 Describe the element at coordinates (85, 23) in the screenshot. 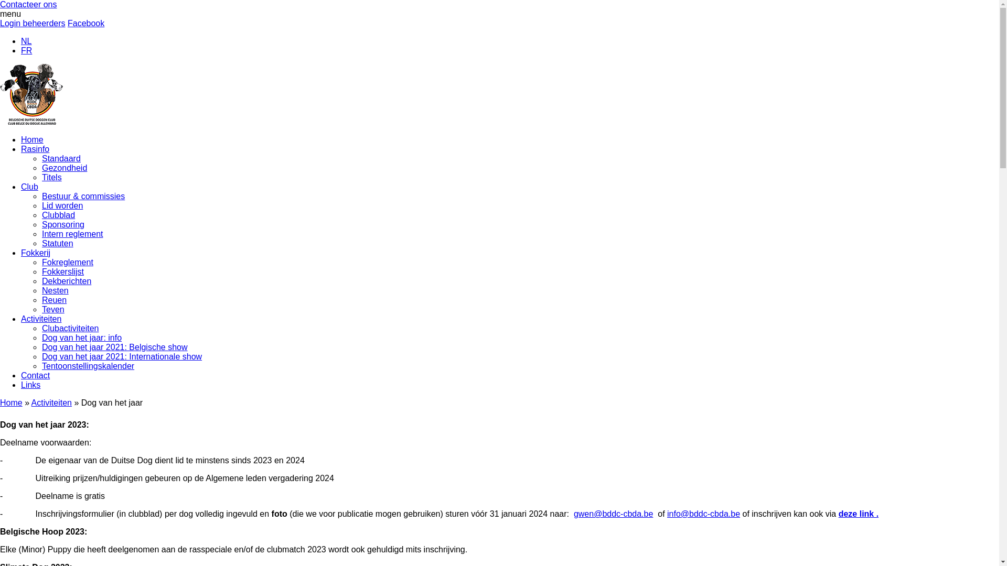

I see `'Facebook'` at that location.